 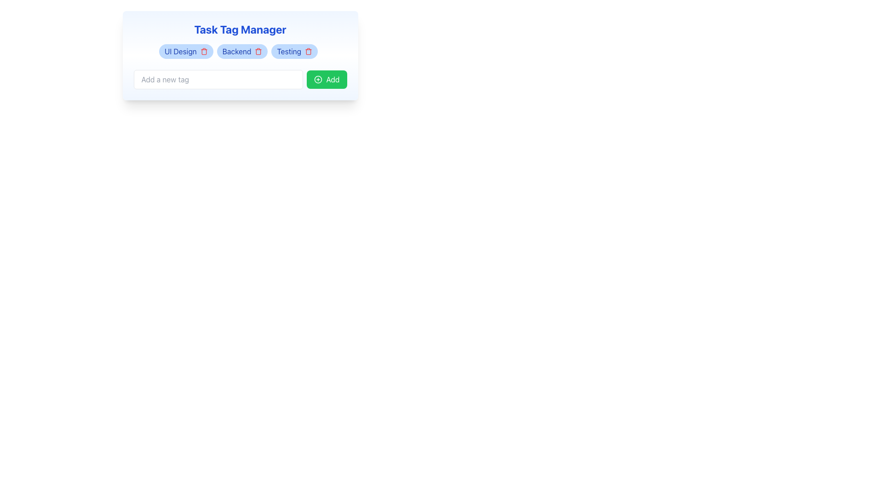 What do you see at coordinates (180, 51) in the screenshot?
I see `the Text label that categorizes tags in the task management interface, located beneath the 'Task Tag Manager' heading` at bounding box center [180, 51].